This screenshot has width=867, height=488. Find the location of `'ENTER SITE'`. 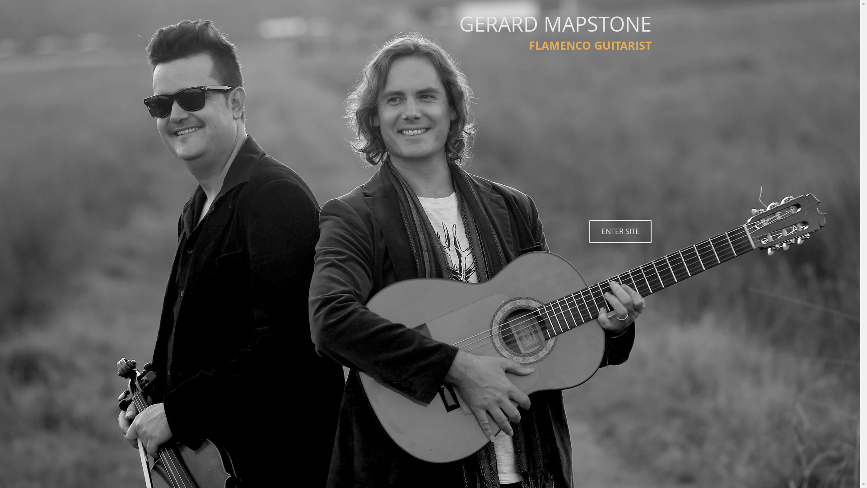

'ENTER SITE' is located at coordinates (619, 231).